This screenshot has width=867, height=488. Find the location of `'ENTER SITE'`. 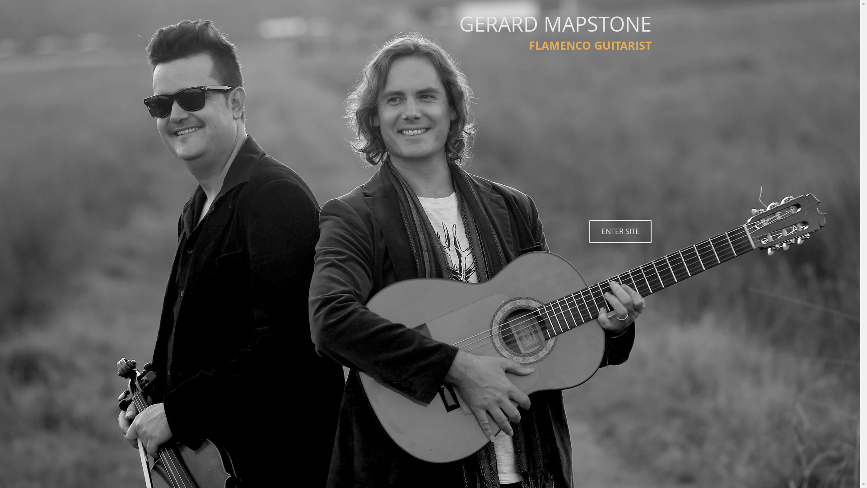

'ENTER SITE' is located at coordinates (619, 231).